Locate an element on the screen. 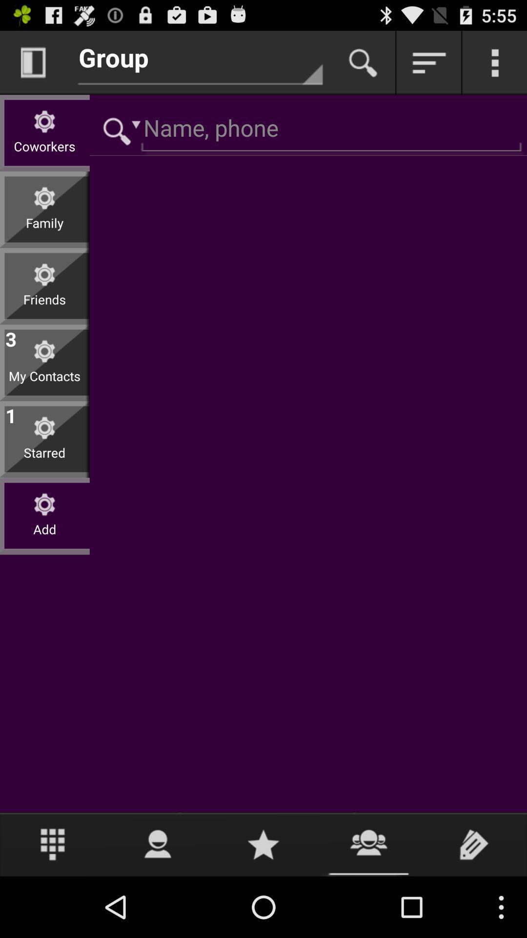 The height and width of the screenshot is (938, 527). group message is located at coordinates (369, 844).